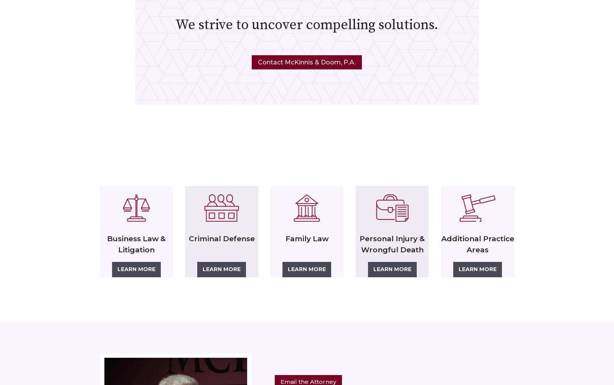 This screenshot has width=614, height=385. Describe the element at coordinates (106, 244) in the screenshot. I see `'Business Law & Litigation'` at that location.